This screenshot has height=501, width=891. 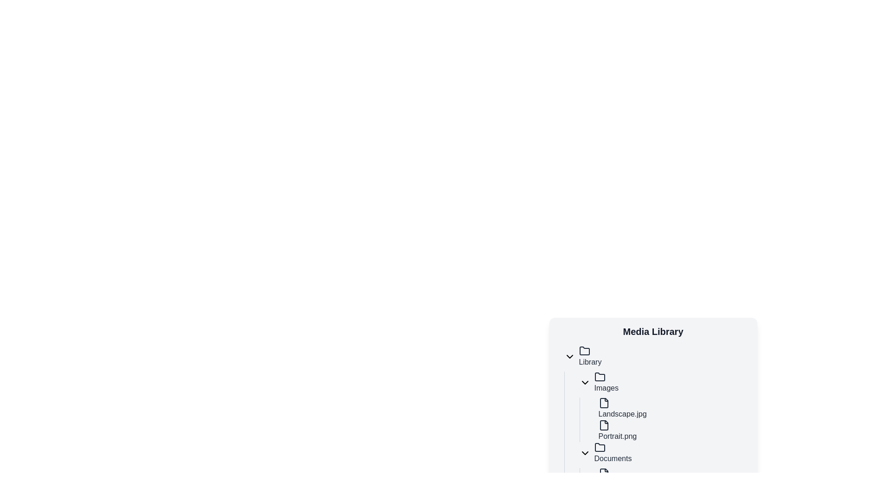 I want to click on the document file icon located at the bottom of the 'Media Library' section, beneath the 'Documents' folder, so click(x=604, y=474).